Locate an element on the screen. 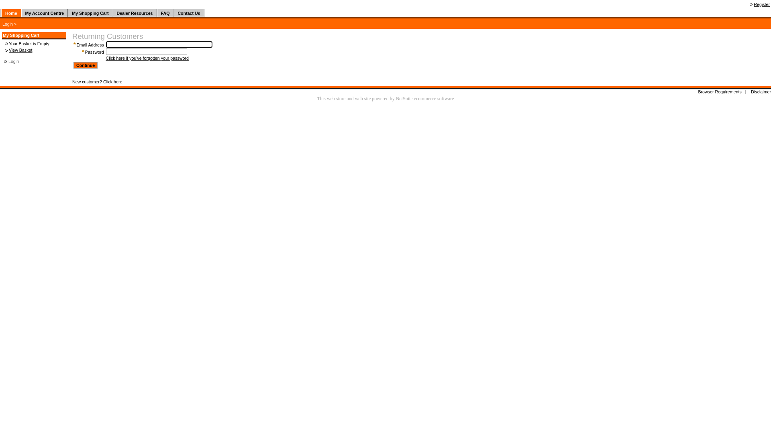 The image size is (771, 433). 'FAQ' is located at coordinates (165, 12).